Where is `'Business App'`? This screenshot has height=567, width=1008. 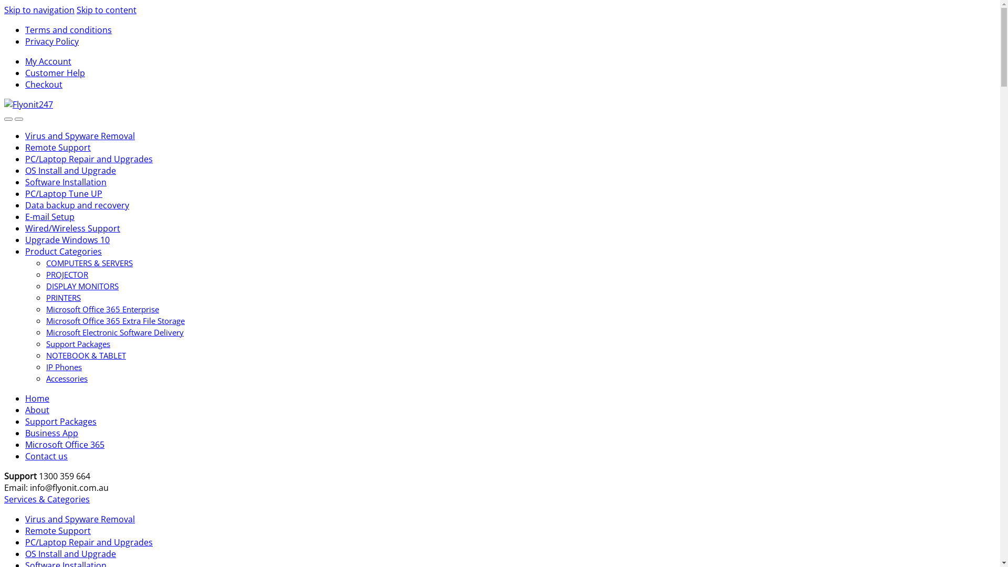 'Business App' is located at coordinates (51, 433).